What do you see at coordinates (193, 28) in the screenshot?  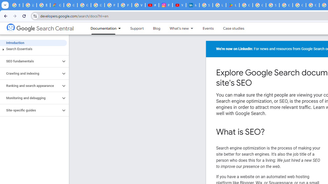 I see `'Dropdown menu for What'` at bounding box center [193, 28].